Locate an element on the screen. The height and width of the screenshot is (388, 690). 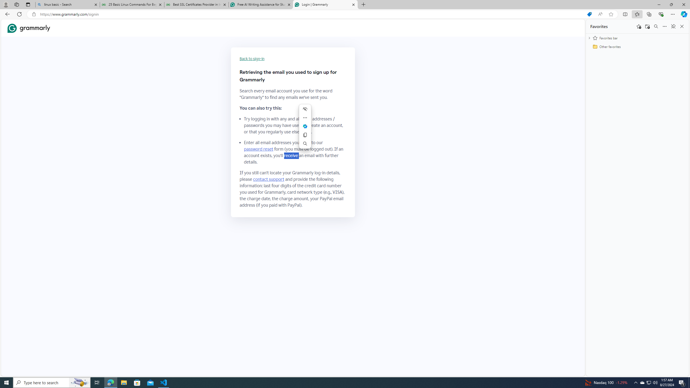
'Add this page to favorites' is located at coordinates (638, 26).